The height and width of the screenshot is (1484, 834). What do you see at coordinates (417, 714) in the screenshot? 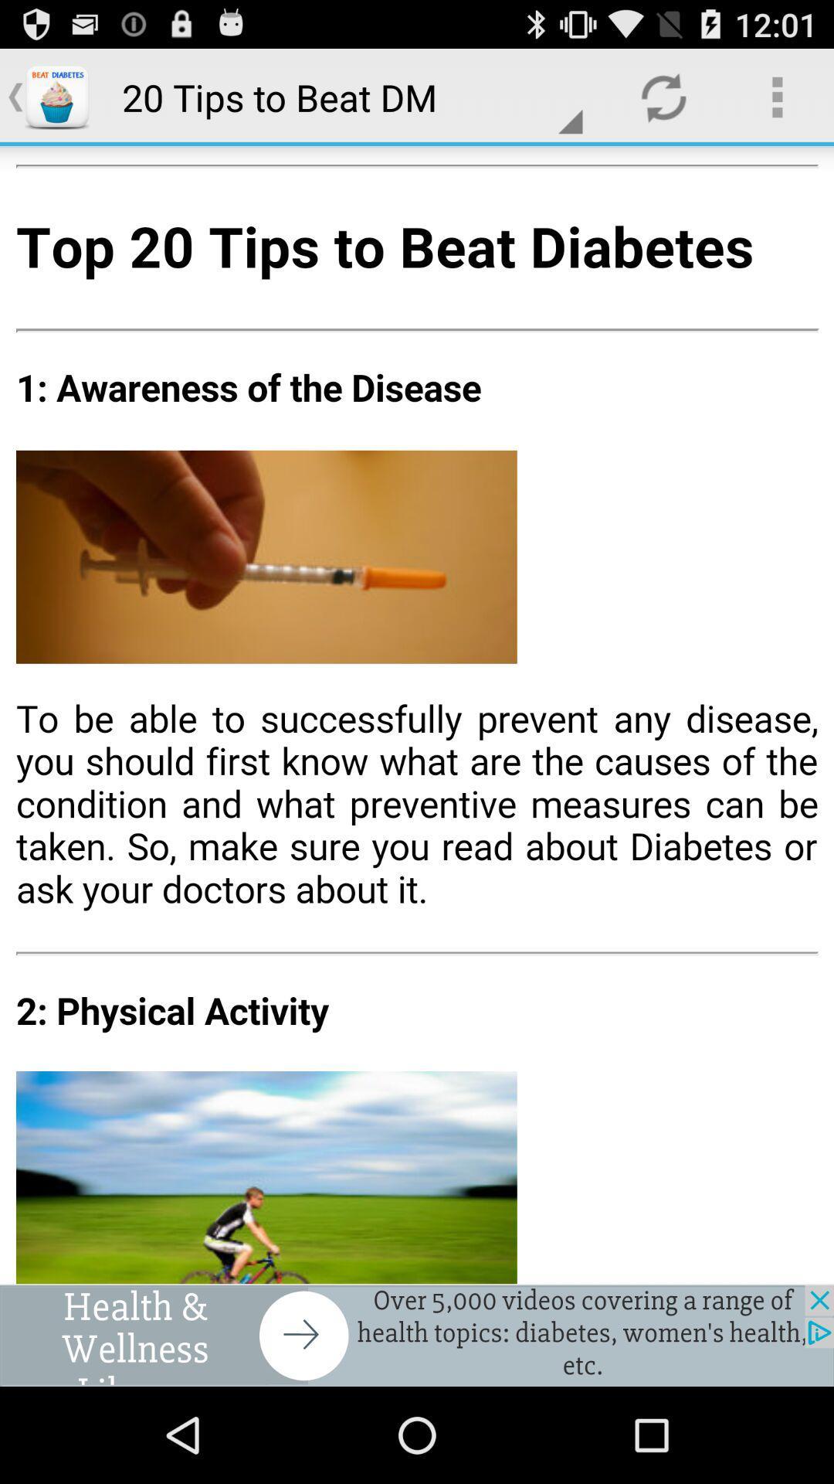
I see `the button is used to share the article to others image` at bounding box center [417, 714].